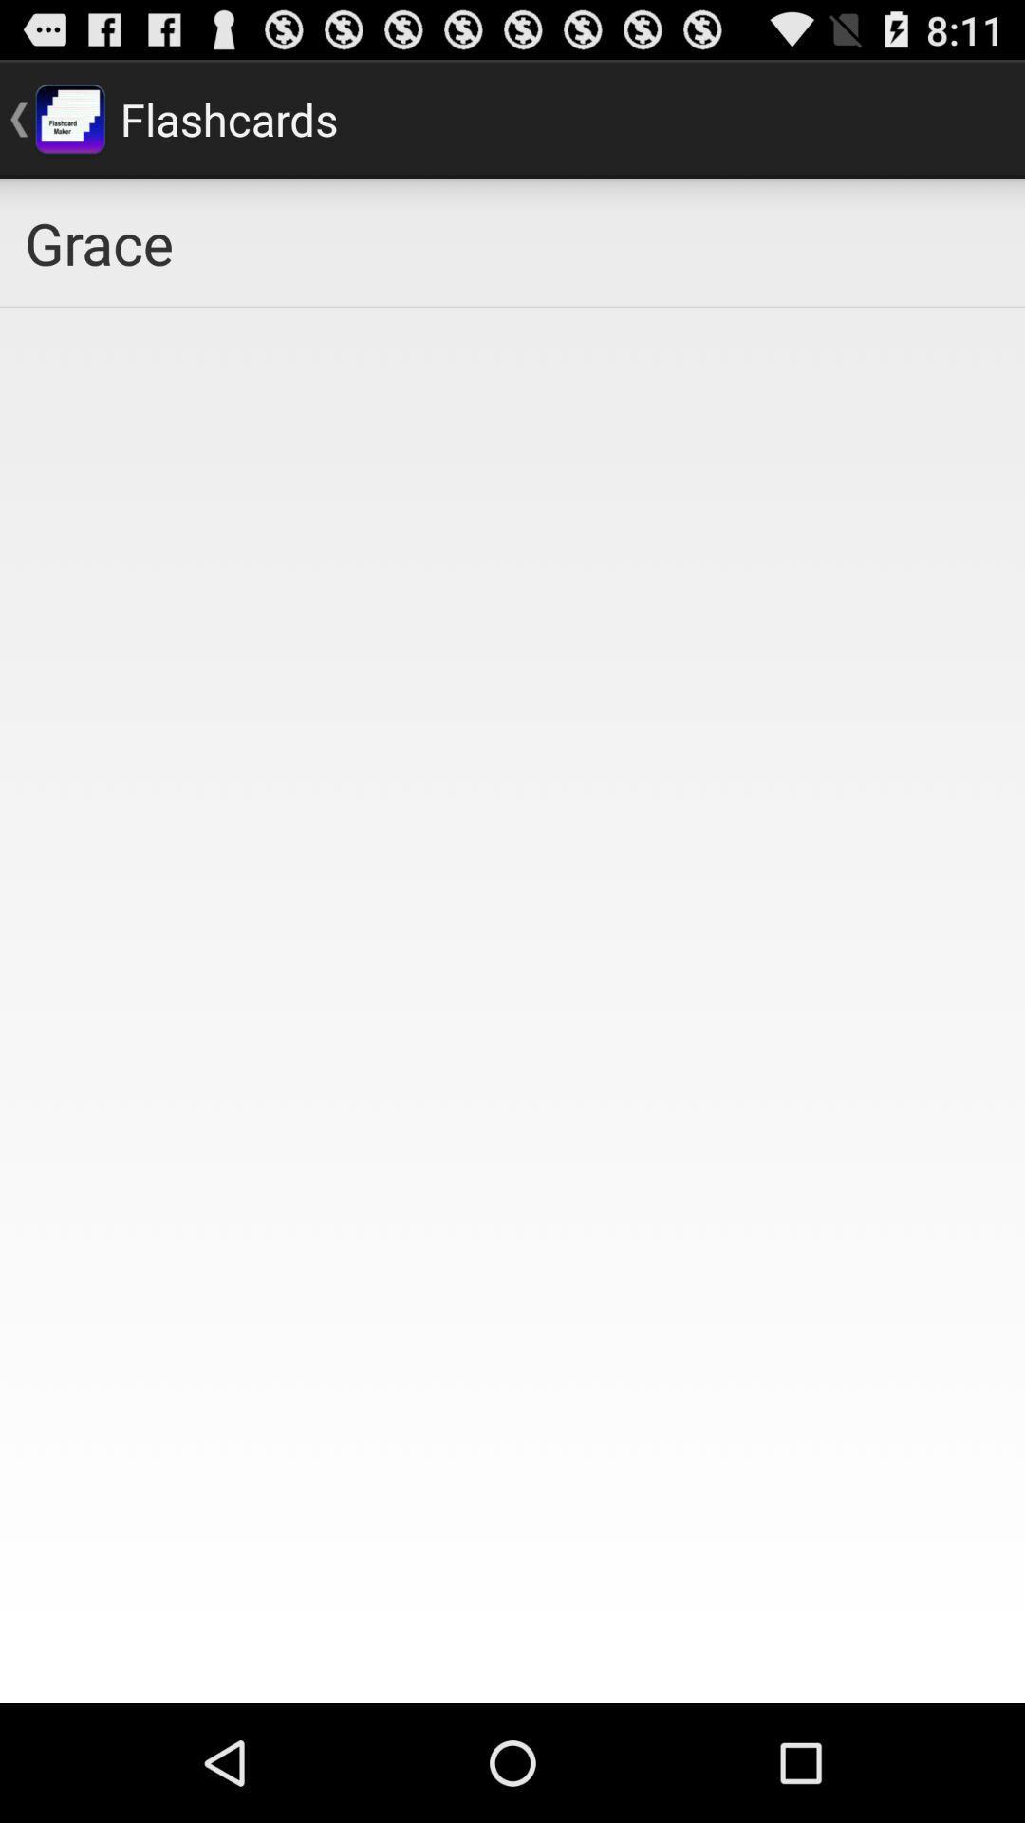  Describe the element at coordinates (512, 241) in the screenshot. I see `grace app` at that location.